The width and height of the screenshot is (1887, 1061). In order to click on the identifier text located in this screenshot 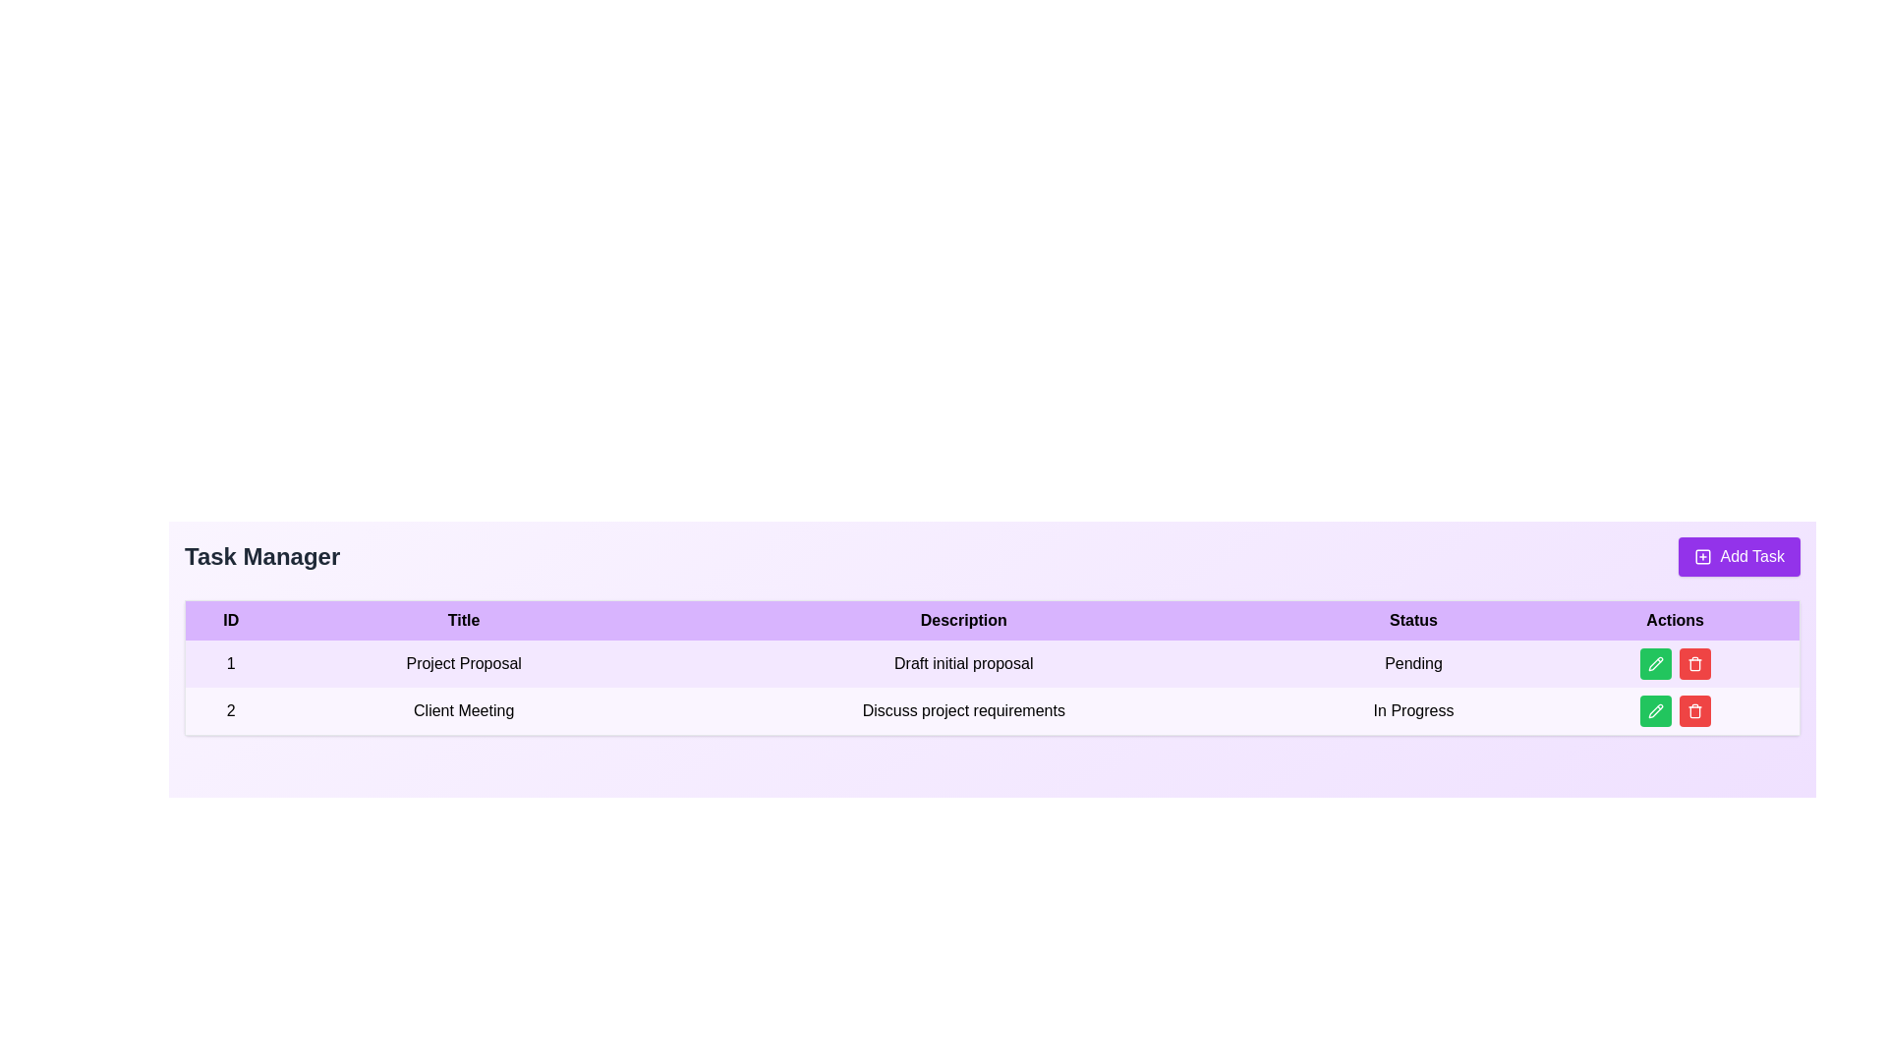, I will do `click(231, 711)`.